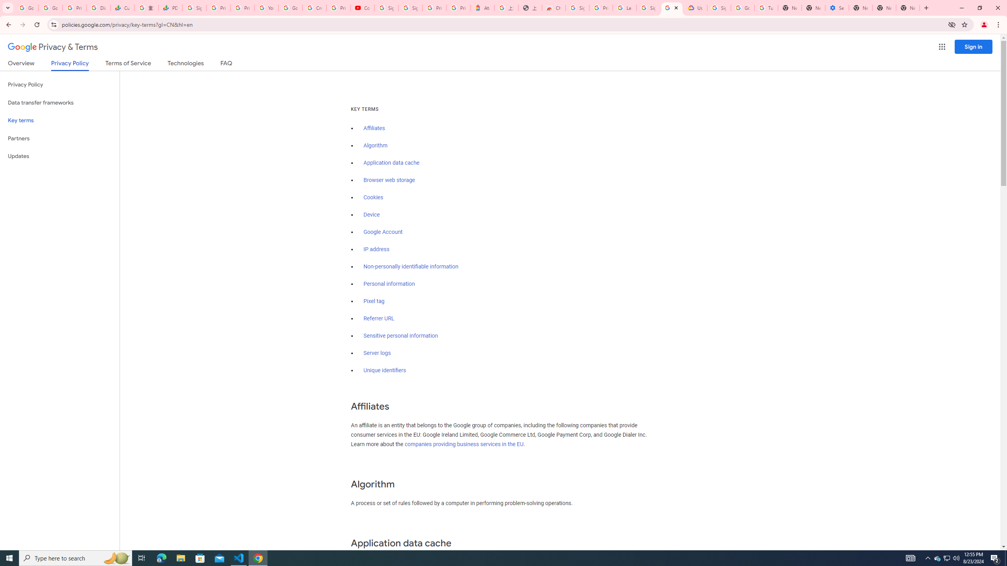  I want to click on 'Affiliates', so click(374, 128).